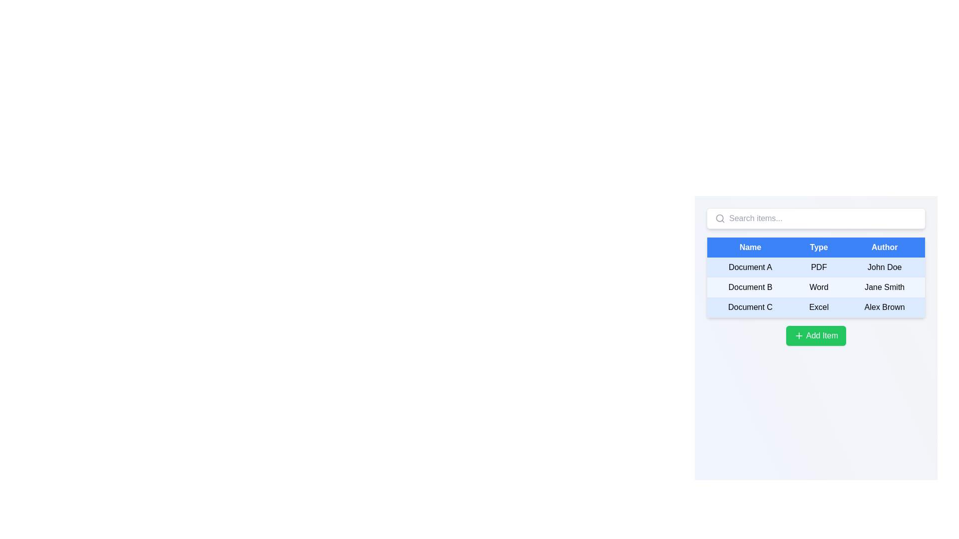 This screenshot has height=539, width=959. Describe the element at coordinates (819, 267) in the screenshot. I see `the static text element indicating 'PDF' in the second column of the first row of the table, aligned with 'Document A' and 'John Doe'` at that location.